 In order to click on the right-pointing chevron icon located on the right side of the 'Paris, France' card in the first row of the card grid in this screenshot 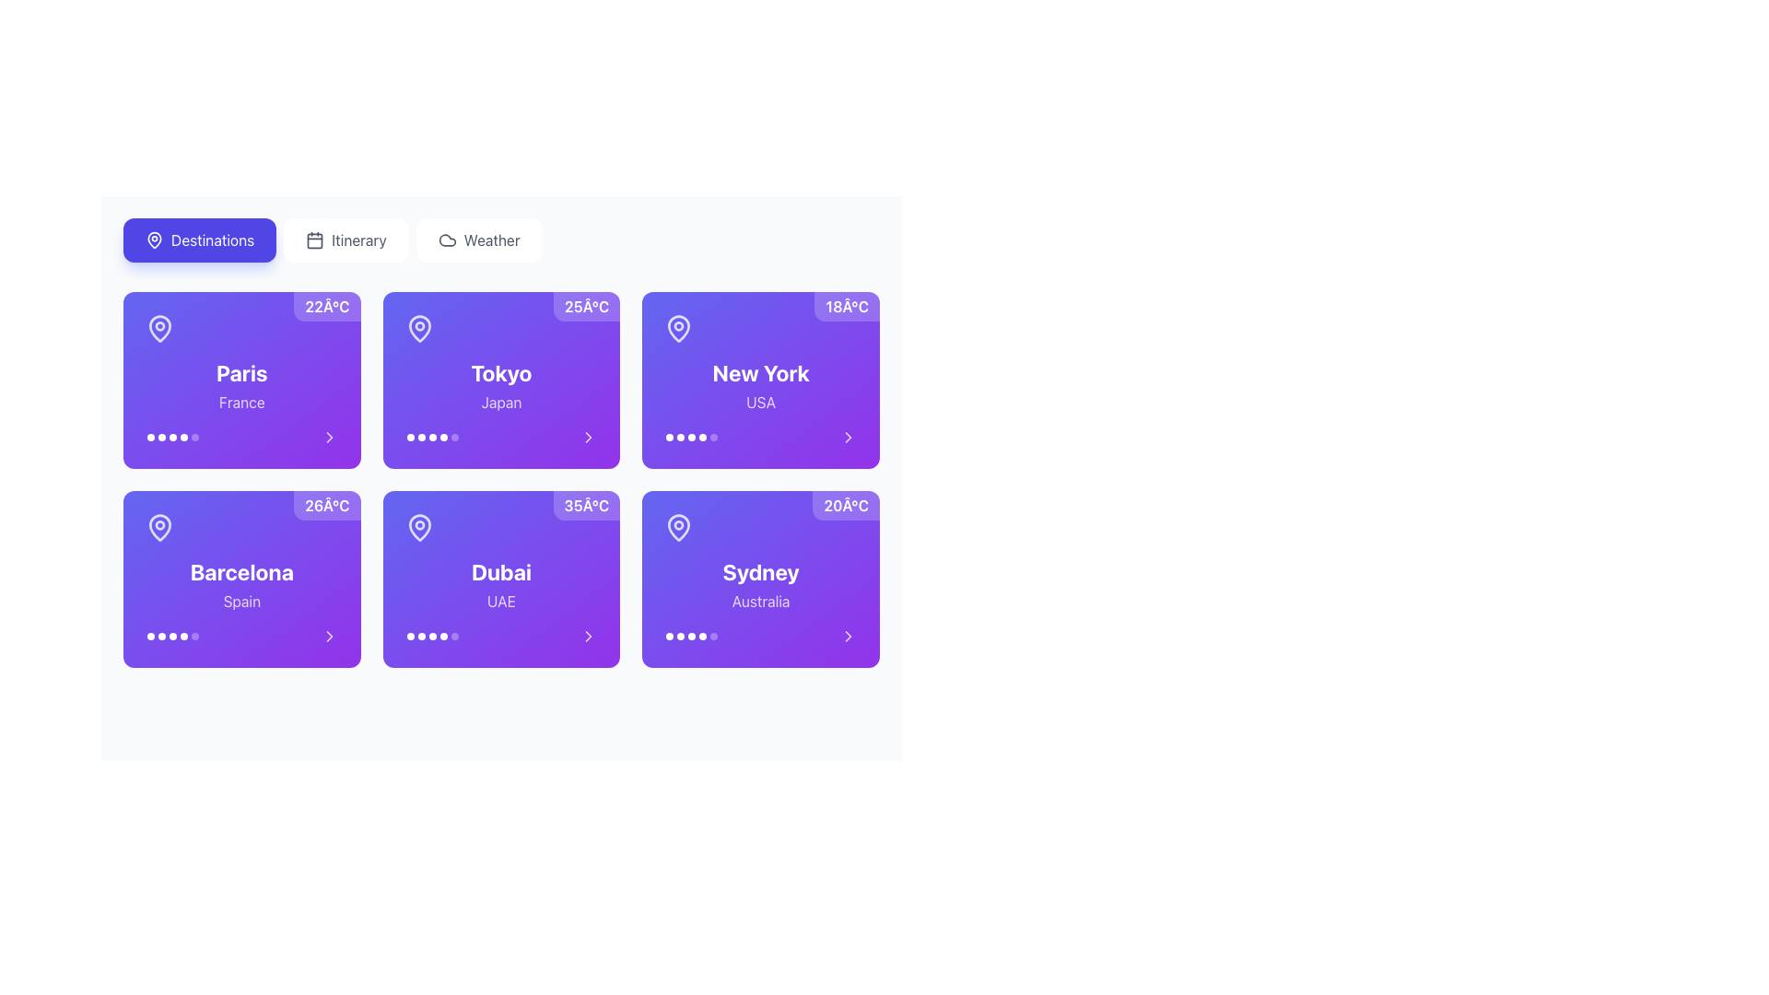, I will do `click(329, 437)`.